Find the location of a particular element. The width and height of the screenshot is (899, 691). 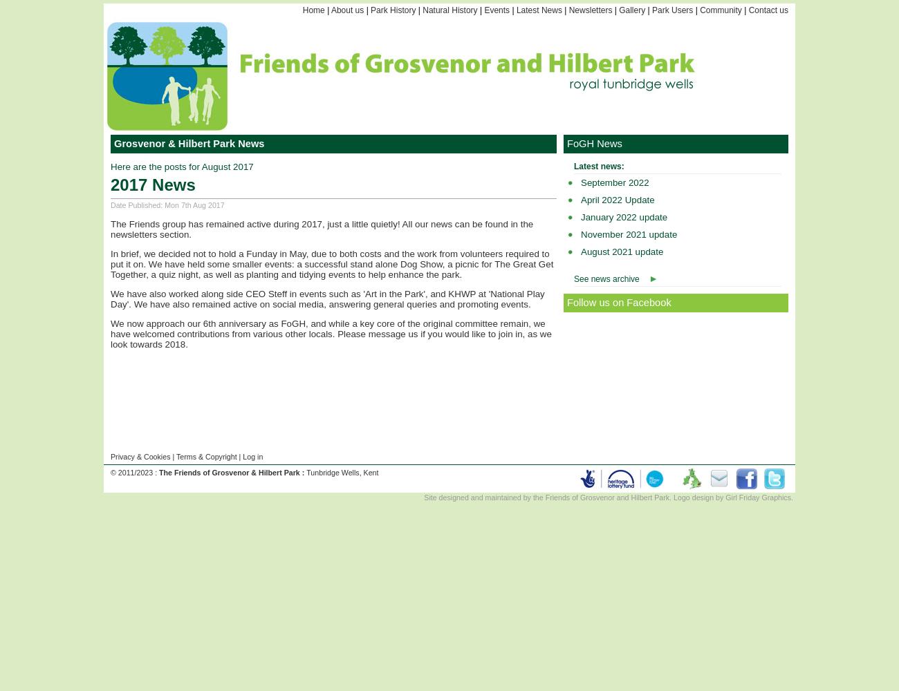

'Gallery' is located at coordinates (618, 10).